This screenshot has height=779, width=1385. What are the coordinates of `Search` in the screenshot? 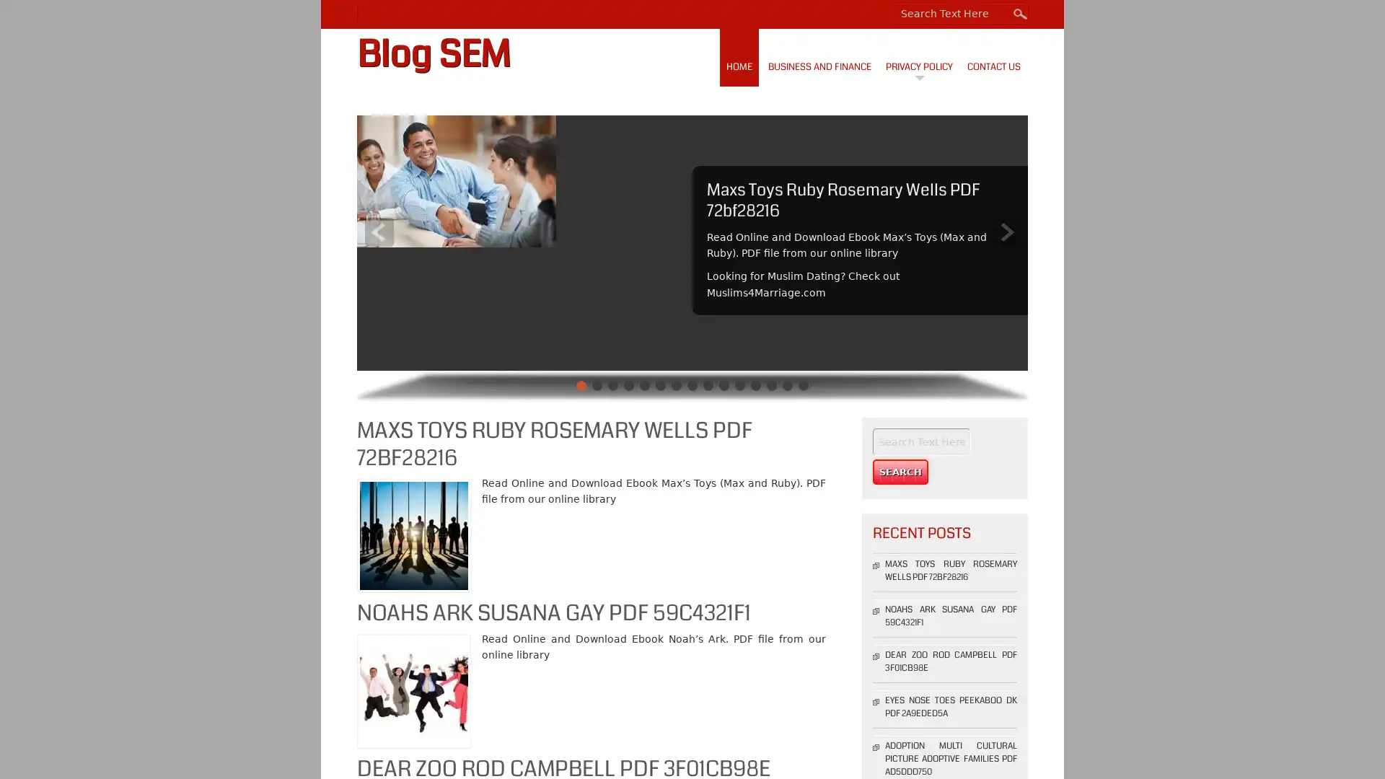 It's located at (900, 472).